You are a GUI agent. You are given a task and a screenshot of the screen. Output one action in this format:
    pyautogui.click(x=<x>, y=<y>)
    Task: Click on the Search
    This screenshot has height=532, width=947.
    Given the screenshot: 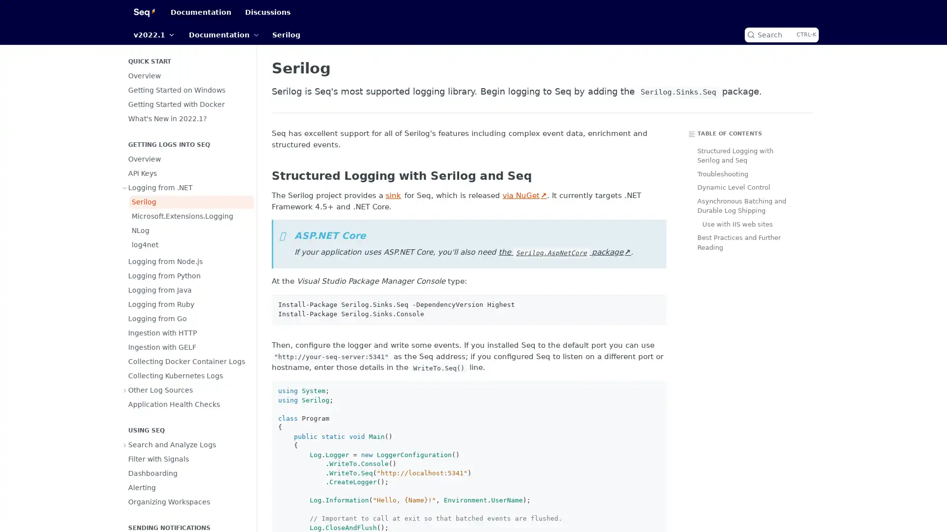 What is the action you would take?
    pyautogui.click(x=781, y=34)
    